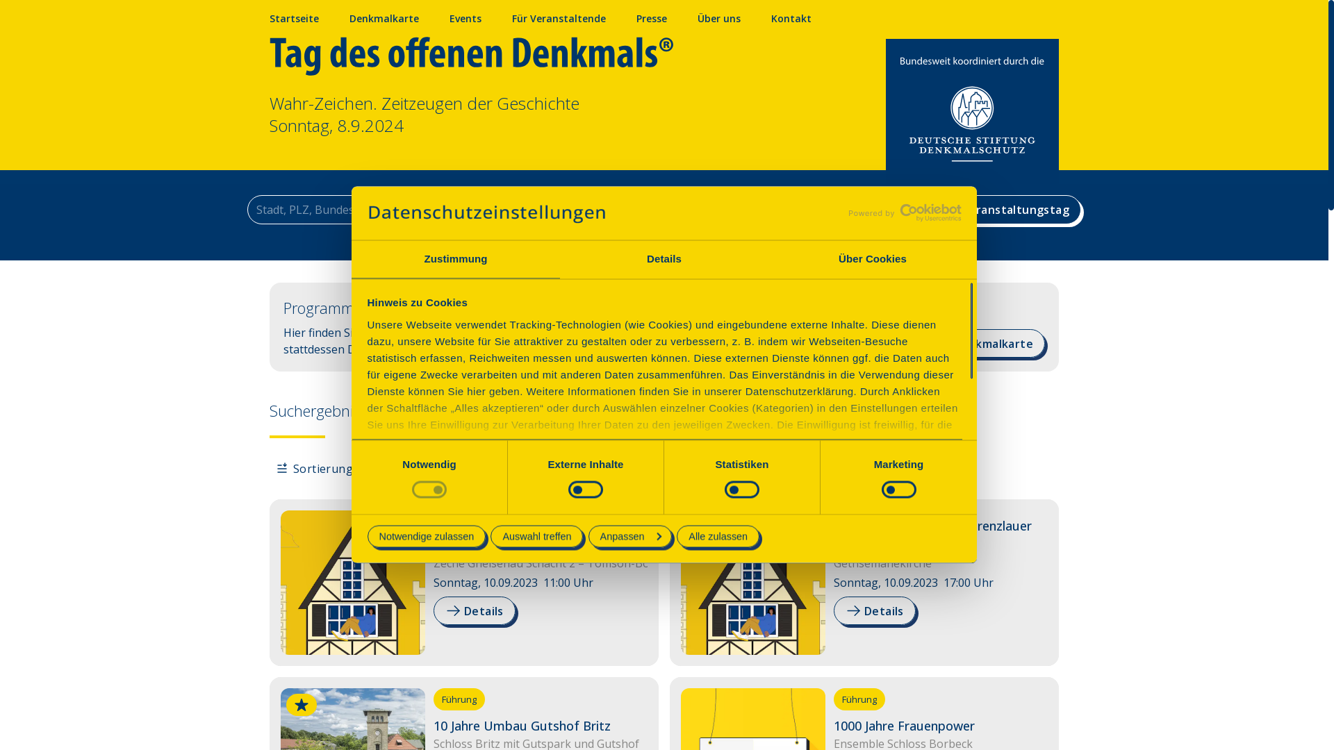 Image resolution: width=1334 pixels, height=750 pixels. I want to click on 'Startseite', so click(293, 18).